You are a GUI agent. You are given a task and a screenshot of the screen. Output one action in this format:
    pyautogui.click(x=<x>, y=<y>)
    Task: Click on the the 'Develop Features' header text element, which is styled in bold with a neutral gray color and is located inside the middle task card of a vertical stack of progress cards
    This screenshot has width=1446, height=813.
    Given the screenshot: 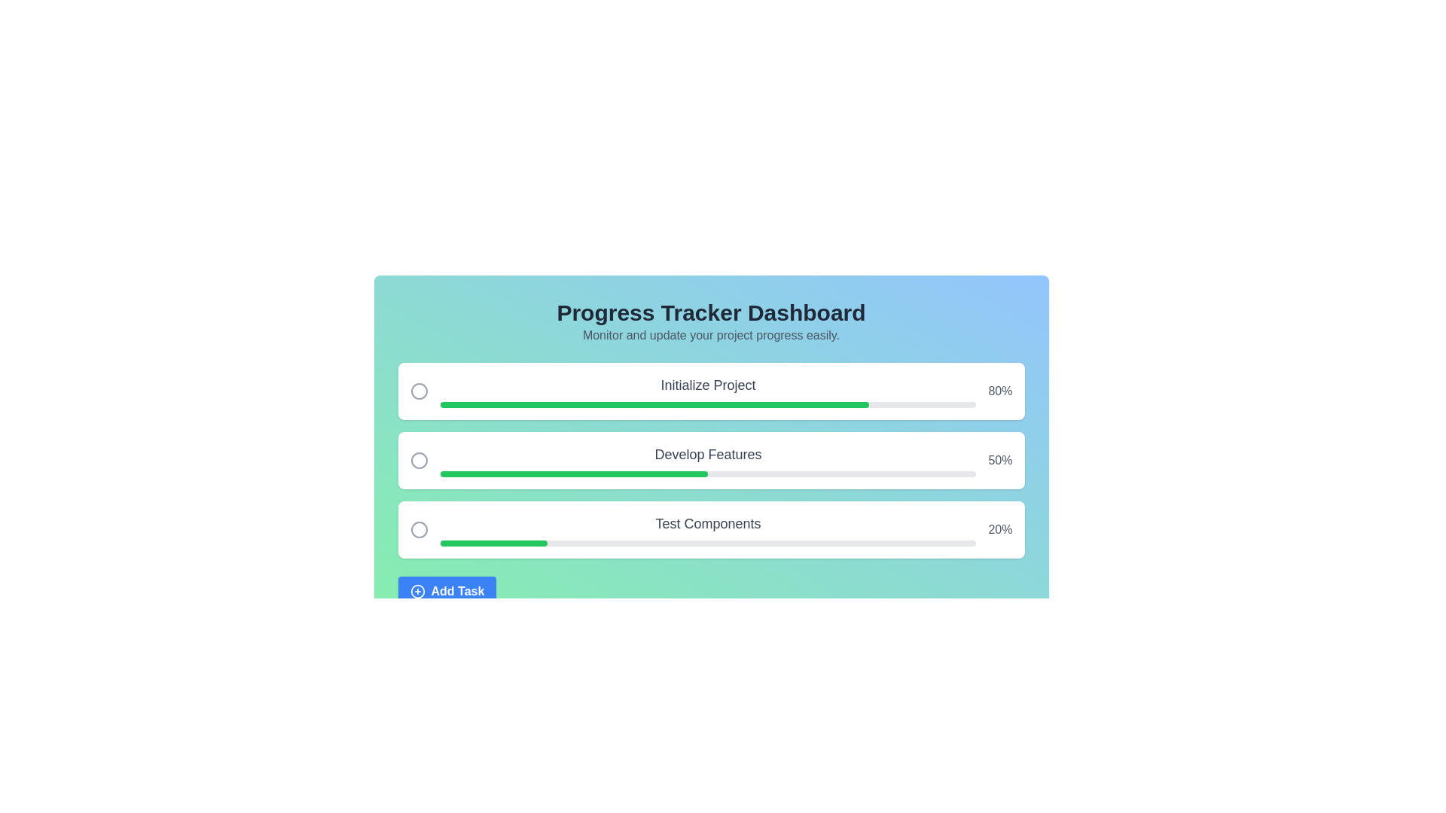 What is the action you would take?
    pyautogui.click(x=707, y=460)
    